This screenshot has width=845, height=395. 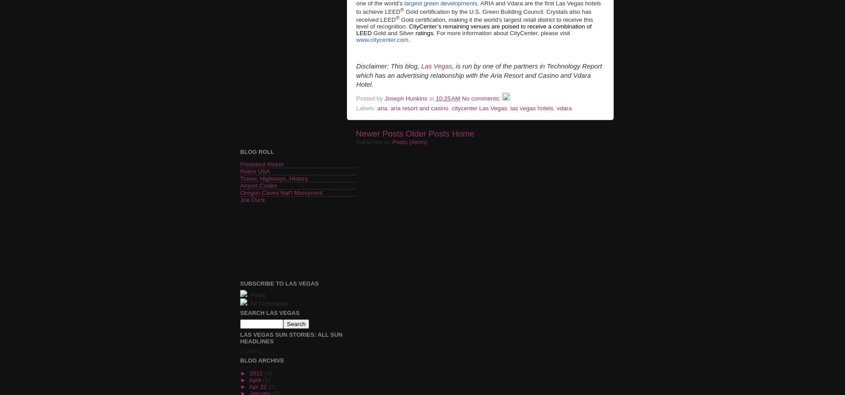 I want to click on 'Subscribe to Las Vegas', so click(x=279, y=283).